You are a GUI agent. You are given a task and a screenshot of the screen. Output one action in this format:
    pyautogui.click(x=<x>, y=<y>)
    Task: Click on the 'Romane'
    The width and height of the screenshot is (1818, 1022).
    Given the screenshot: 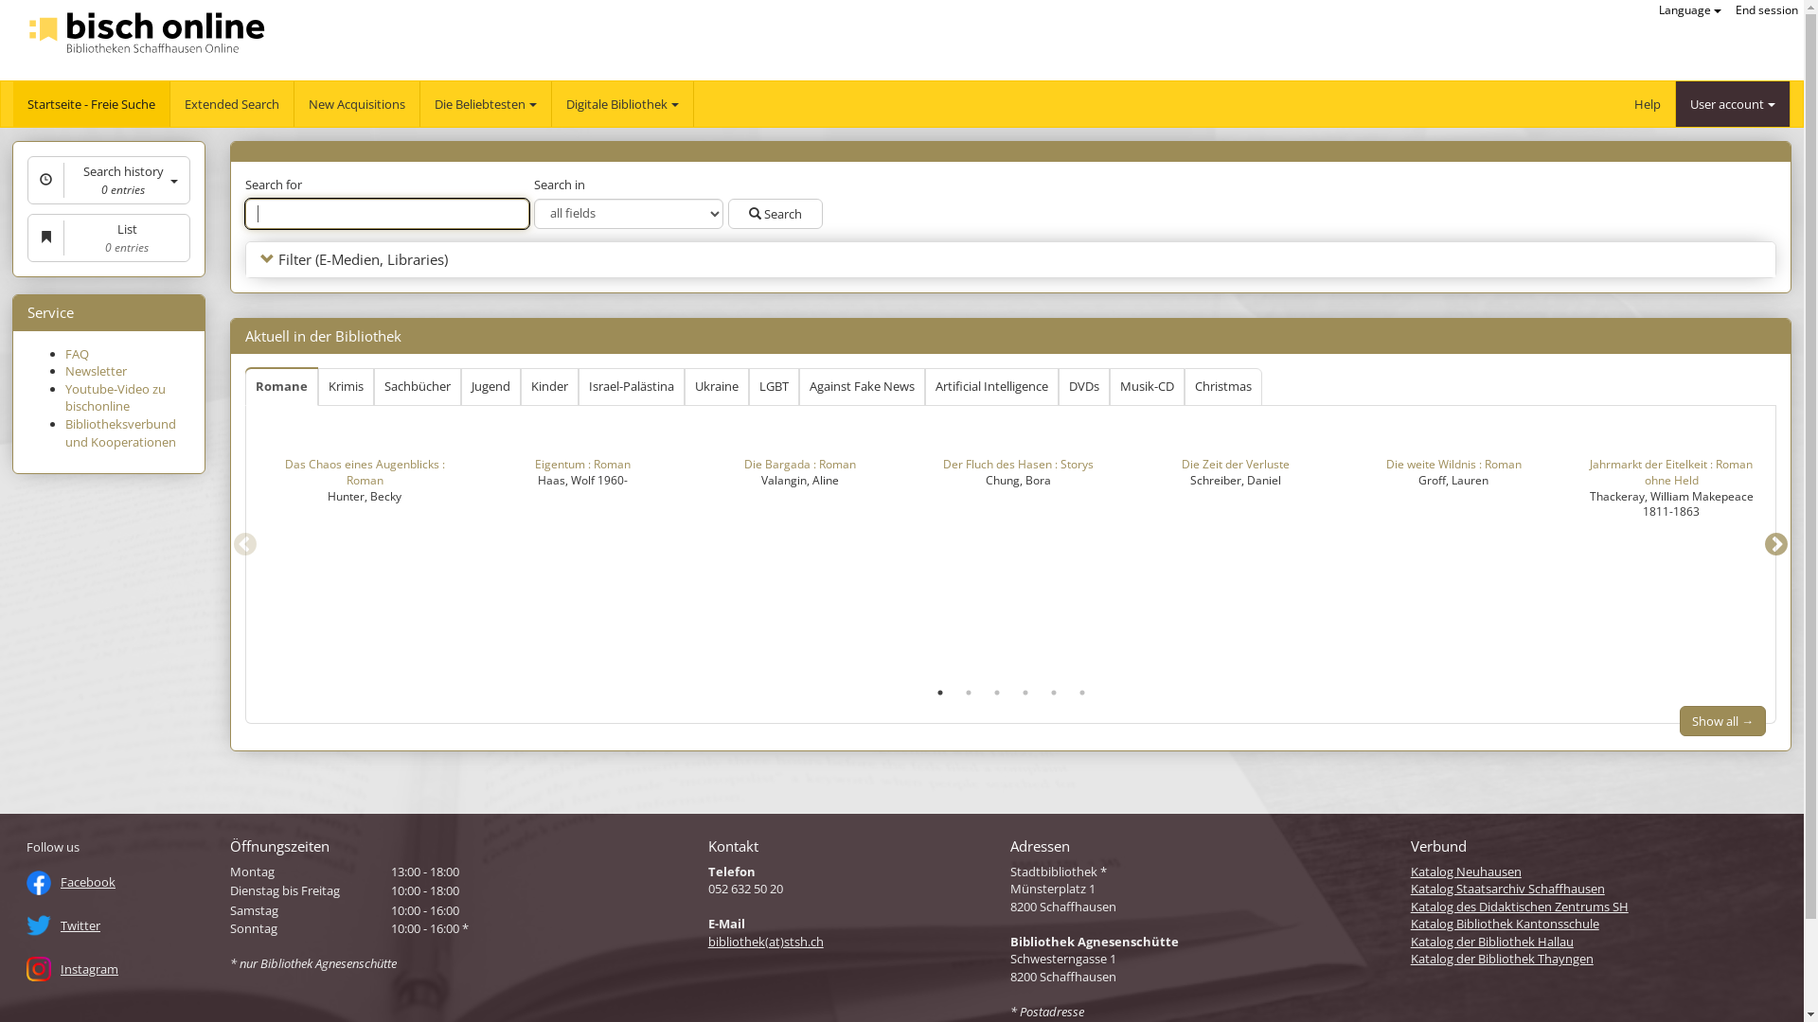 What is the action you would take?
    pyautogui.click(x=244, y=386)
    